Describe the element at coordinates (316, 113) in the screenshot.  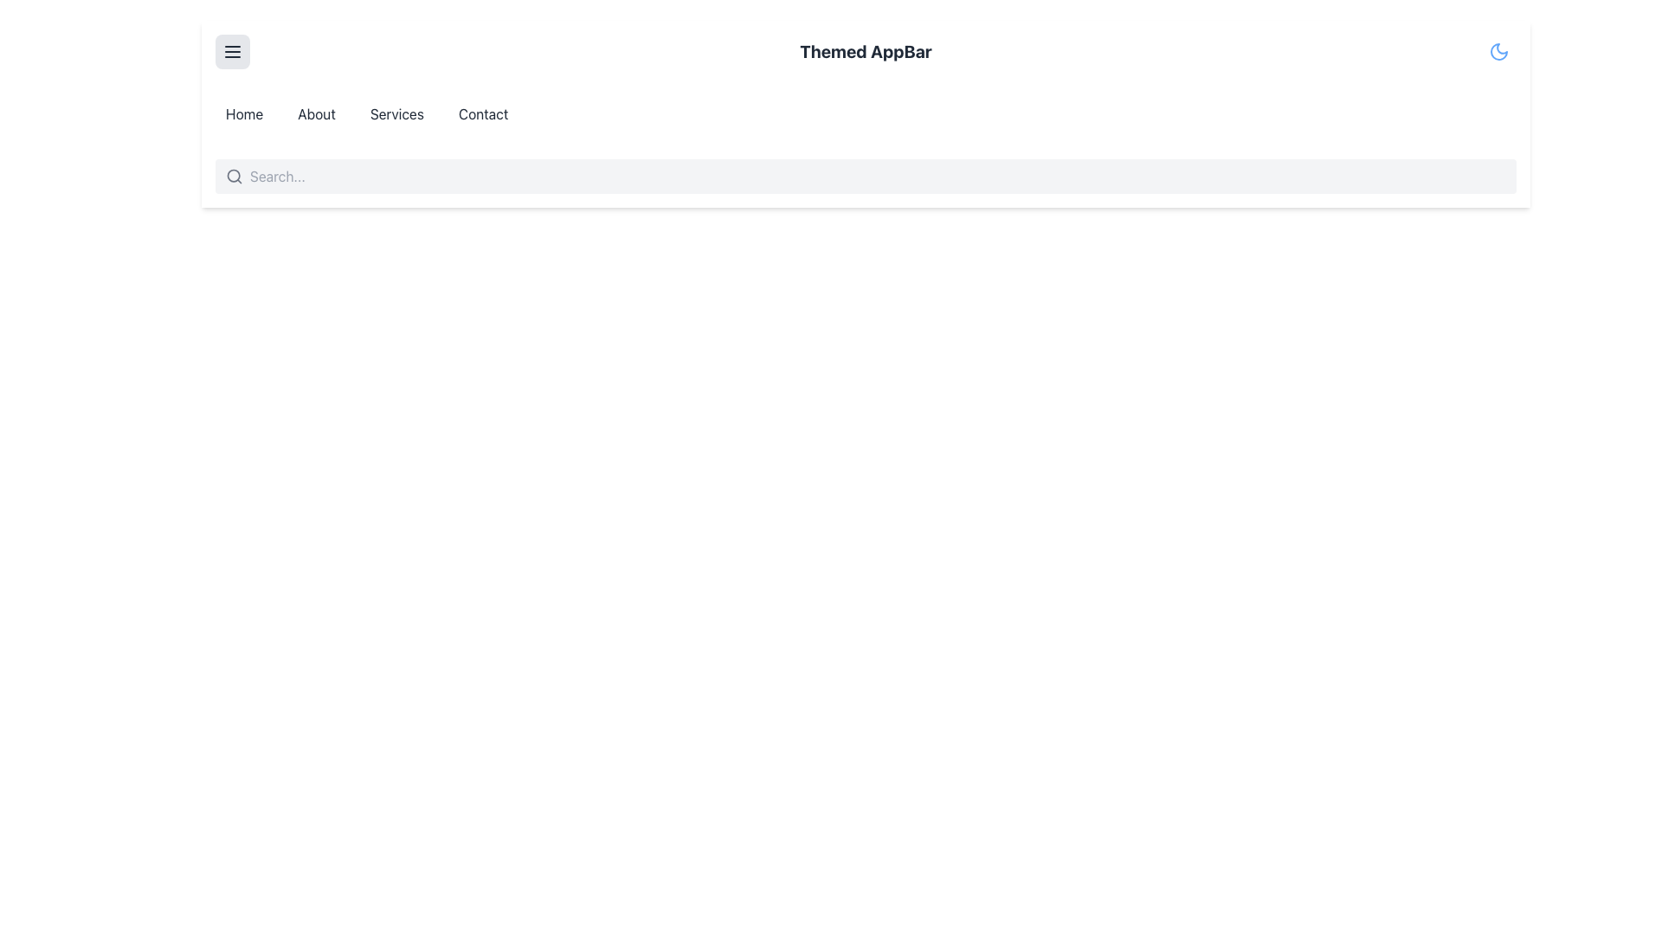
I see `the 'About' button in the navigation menu to change its appearance` at that location.